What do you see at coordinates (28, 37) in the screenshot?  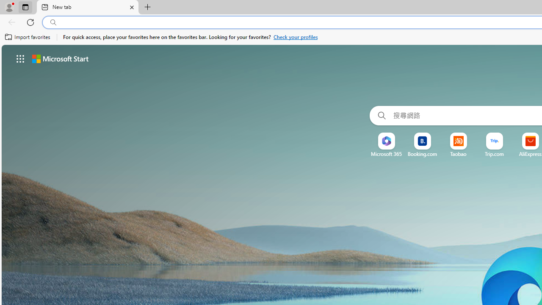 I see `'Import favorites'` at bounding box center [28, 37].